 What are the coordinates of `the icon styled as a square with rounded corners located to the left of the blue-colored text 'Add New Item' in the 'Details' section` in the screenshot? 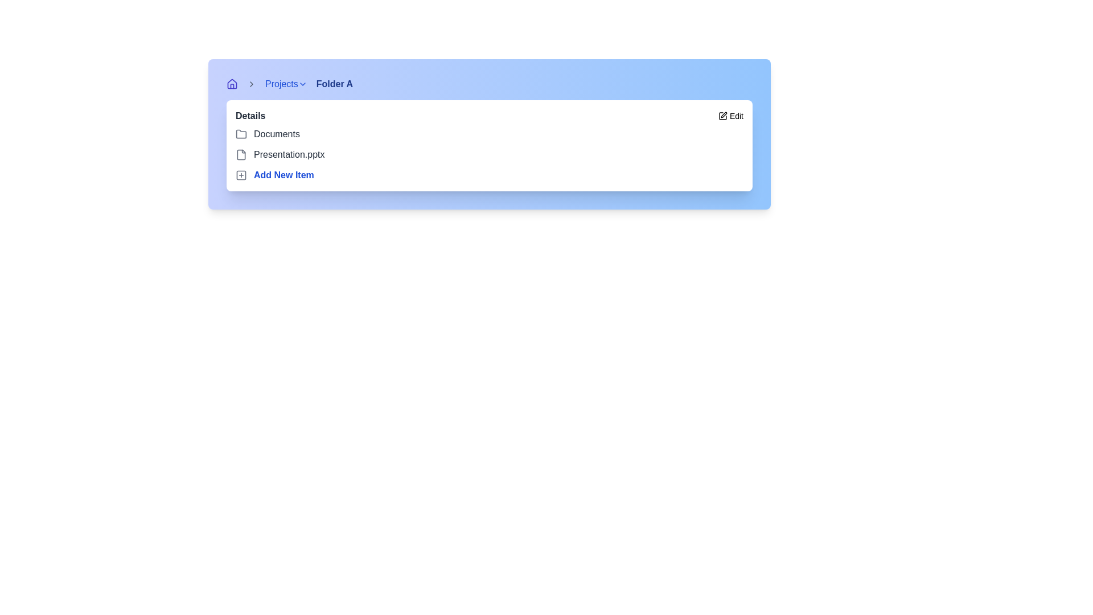 It's located at (240, 175).